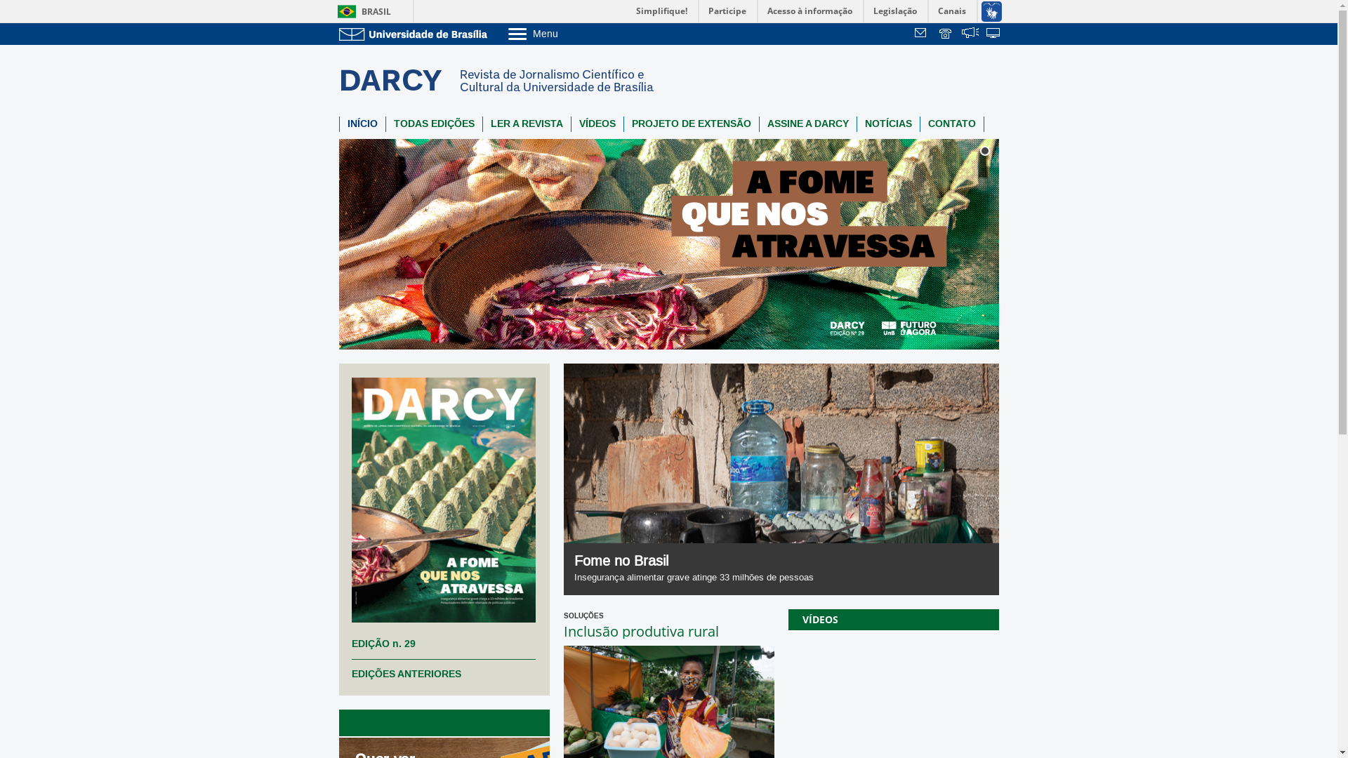 This screenshot has width=1348, height=758. Describe the element at coordinates (361, 11) in the screenshot. I see `'BRASIL'` at that location.